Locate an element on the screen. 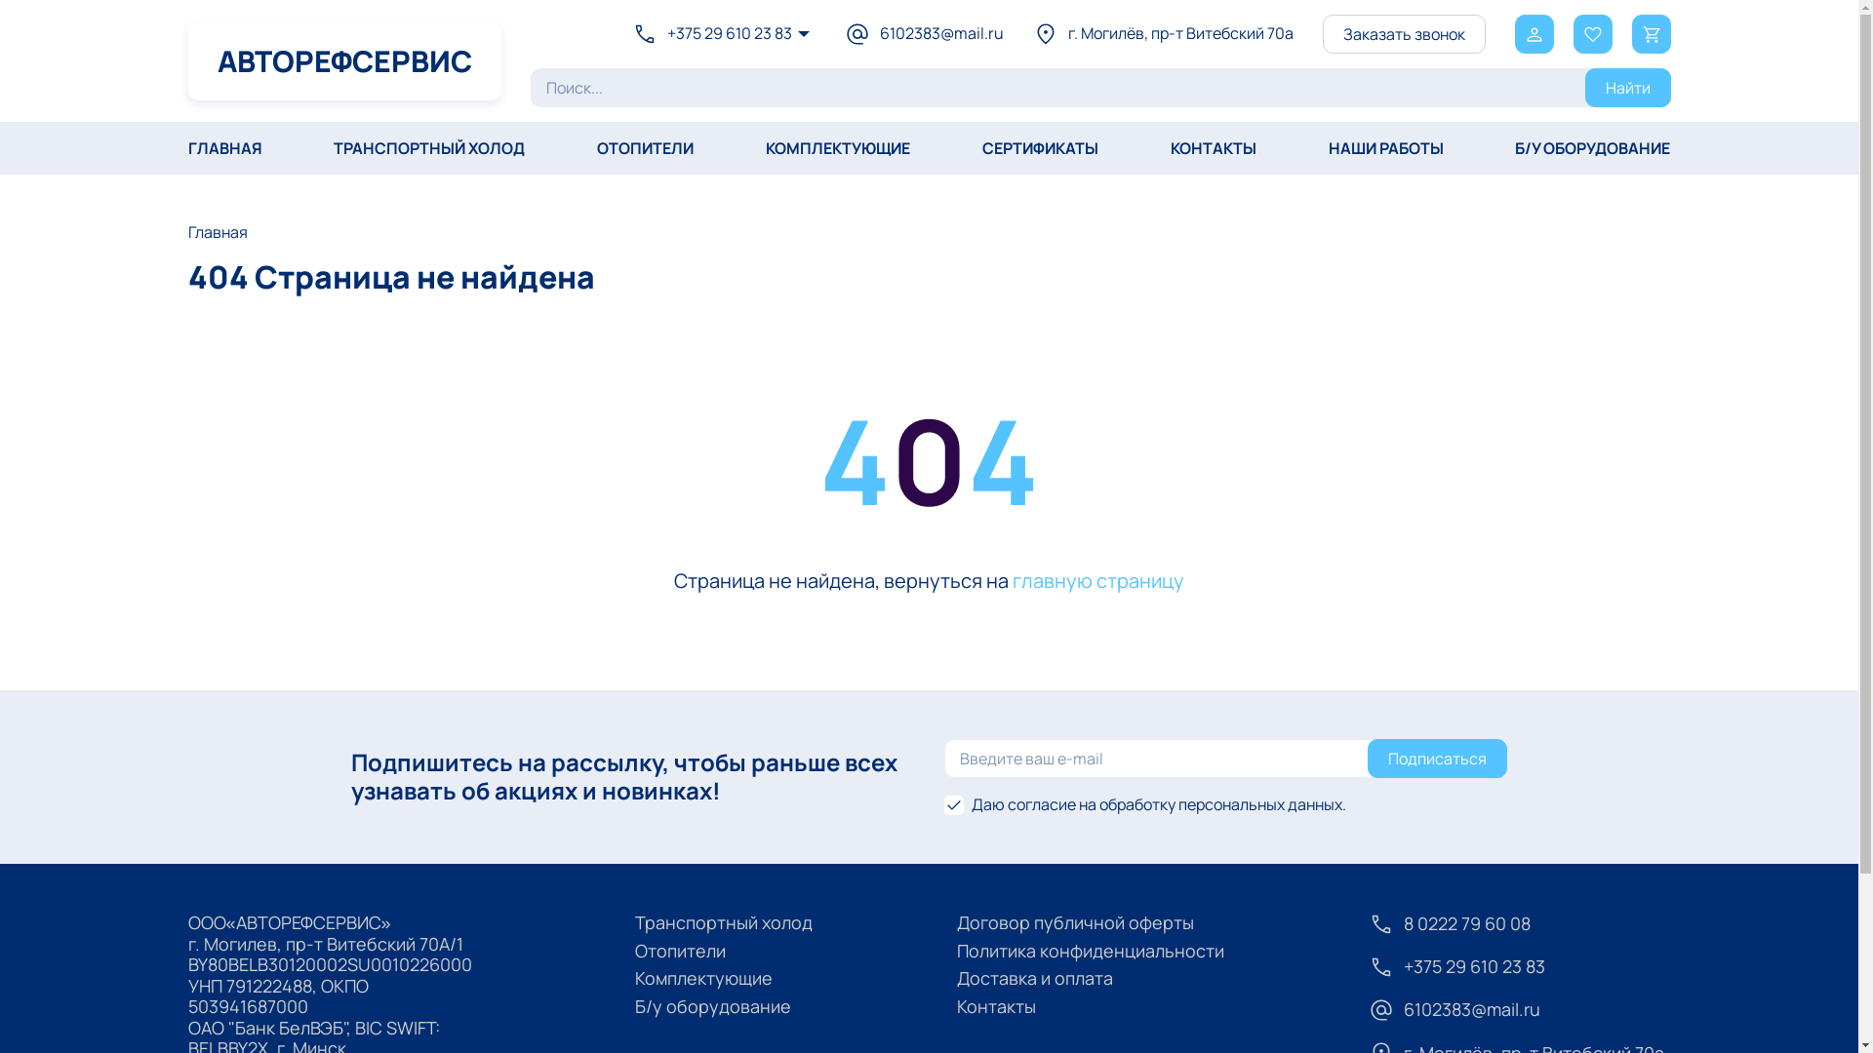 This screenshot has width=1873, height=1053. '+375 29 610 23 83' is located at coordinates (710, 33).